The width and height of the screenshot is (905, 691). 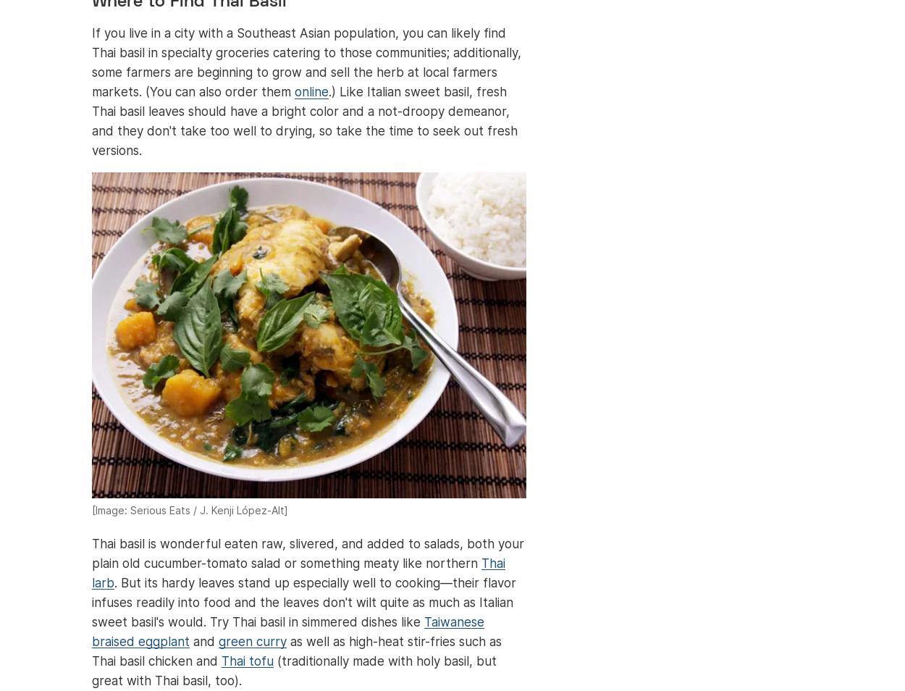 What do you see at coordinates (92, 602) in the screenshot?
I see `'. But its hardy leaves stand up especially well to cooking—their flavor infuses readily into food and the leaves don't wilt quite as much as Italian sweet basil's would. Try Thai basil in simmered dishes like'` at bounding box center [92, 602].